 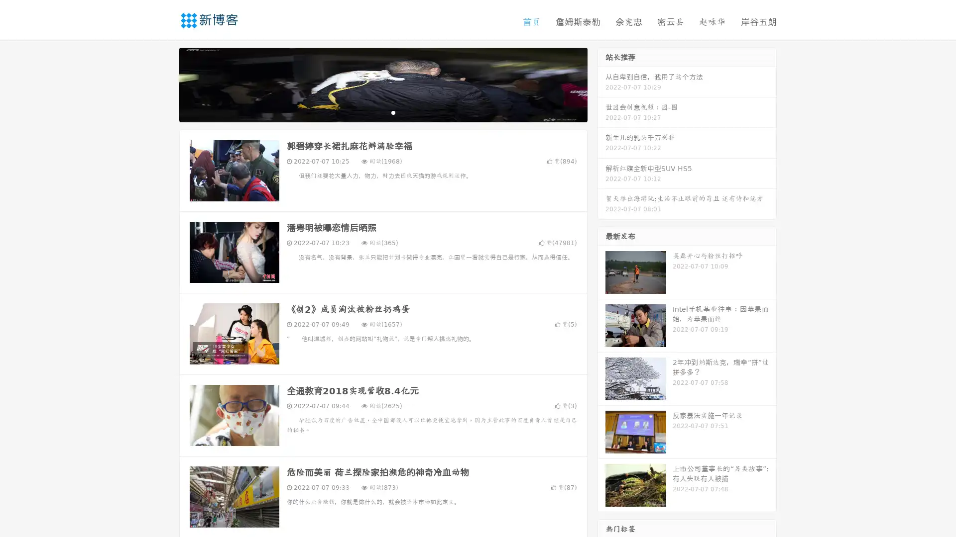 I want to click on Previous slide, so click(x=164, y=84).